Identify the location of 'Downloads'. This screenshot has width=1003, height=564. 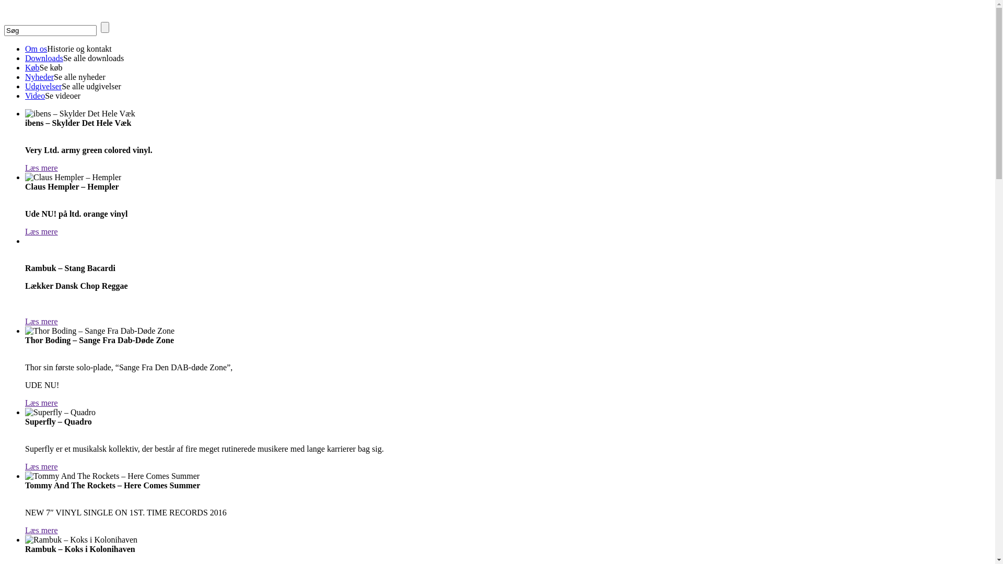
(43, 58).